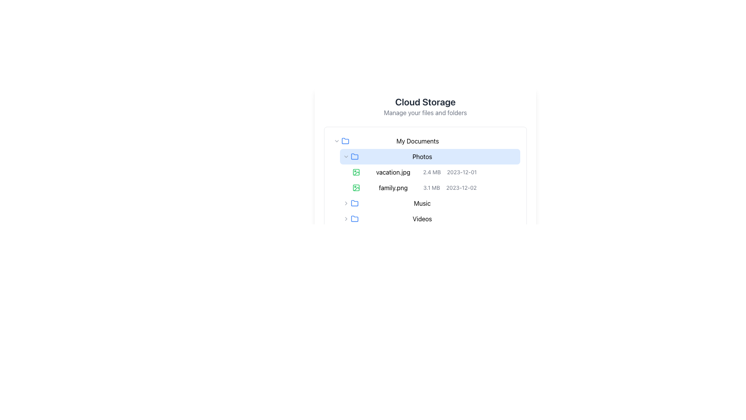 This screenshot has height=420, width=746. What do you see at coordinates (425, 219) in the screenshot?
I see `to select the 'Videos' navigation item, which is the last visible entry in the folder browsing interface, located near the bottom of the list after 'Music'` at bounding box center [425, 219].